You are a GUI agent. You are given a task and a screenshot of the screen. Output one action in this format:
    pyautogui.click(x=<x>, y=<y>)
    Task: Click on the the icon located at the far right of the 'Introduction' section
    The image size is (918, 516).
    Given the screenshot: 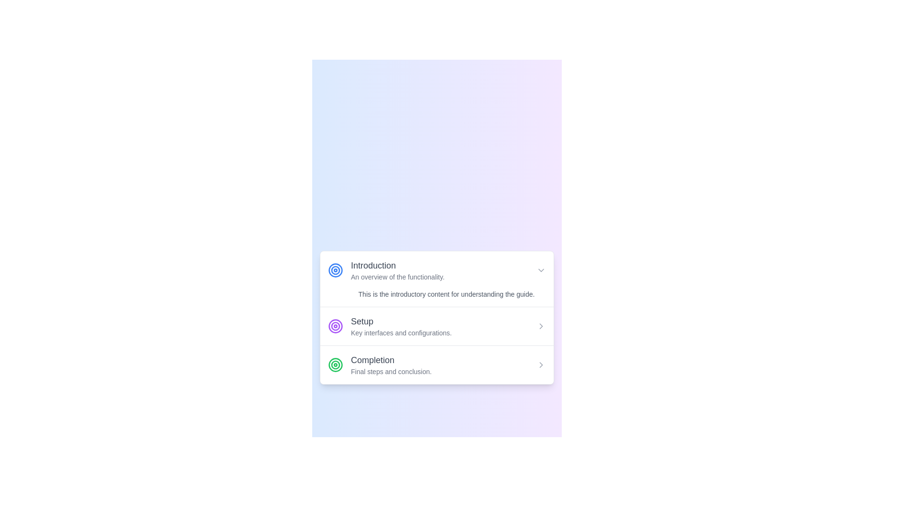 What is the action you would take?
    pyautogui.click(x=541, y=270)
    